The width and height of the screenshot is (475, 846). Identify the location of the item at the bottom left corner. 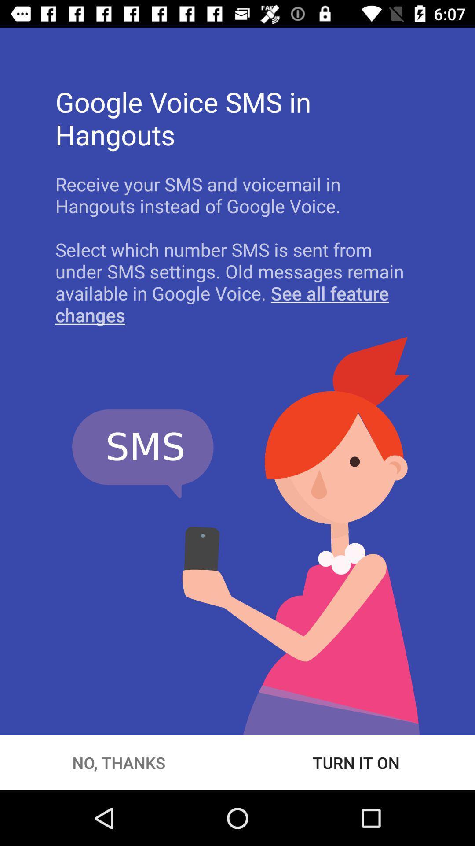
(119, 762).